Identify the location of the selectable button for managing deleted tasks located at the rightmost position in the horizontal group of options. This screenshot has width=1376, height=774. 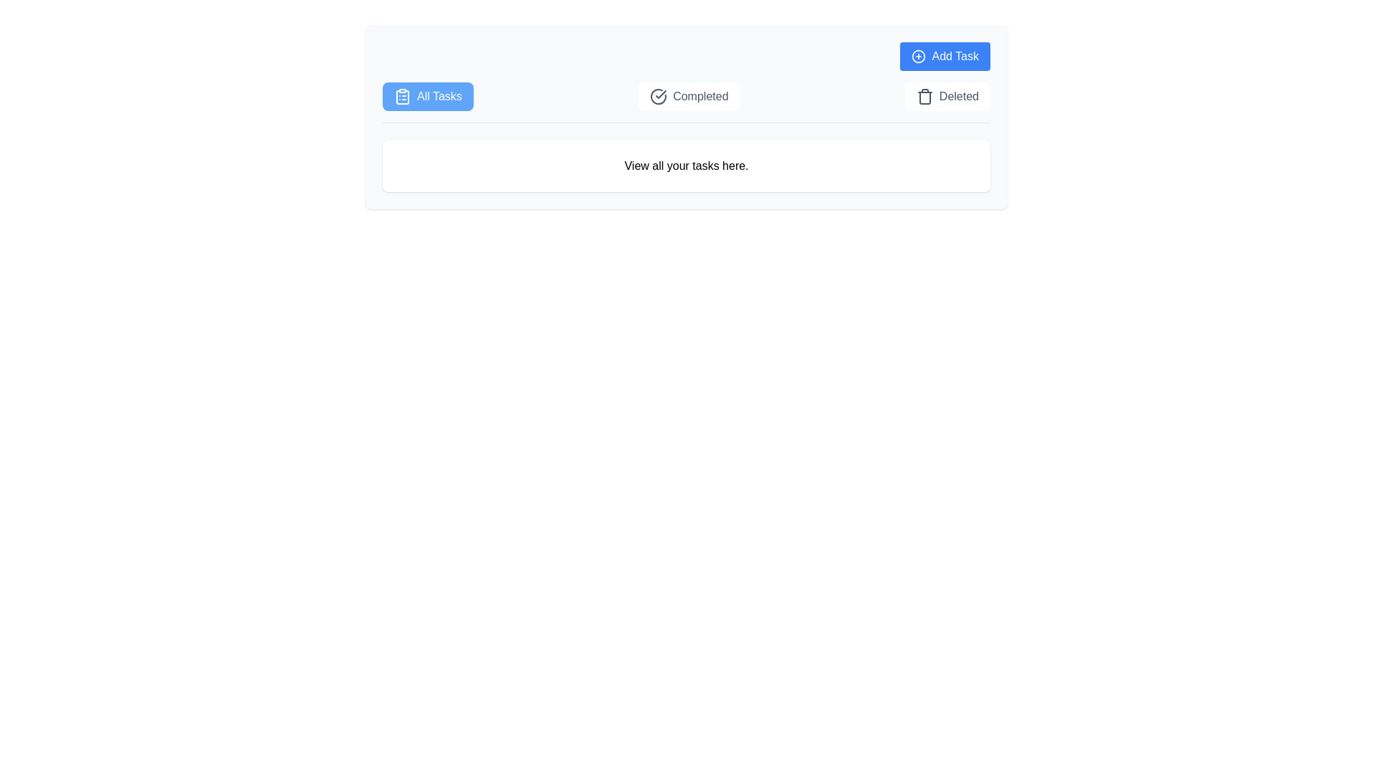
(947, 97).